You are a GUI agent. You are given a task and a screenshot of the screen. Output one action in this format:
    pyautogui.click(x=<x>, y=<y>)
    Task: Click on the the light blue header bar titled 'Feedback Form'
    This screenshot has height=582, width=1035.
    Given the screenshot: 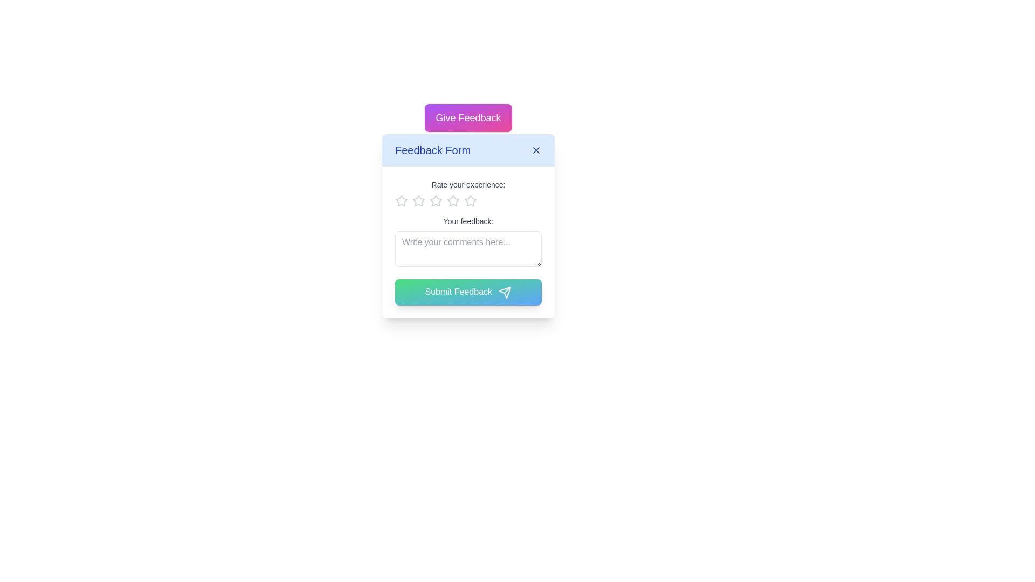 What is the action you would take?
    pyautogui.click(x=468, y=150)
    